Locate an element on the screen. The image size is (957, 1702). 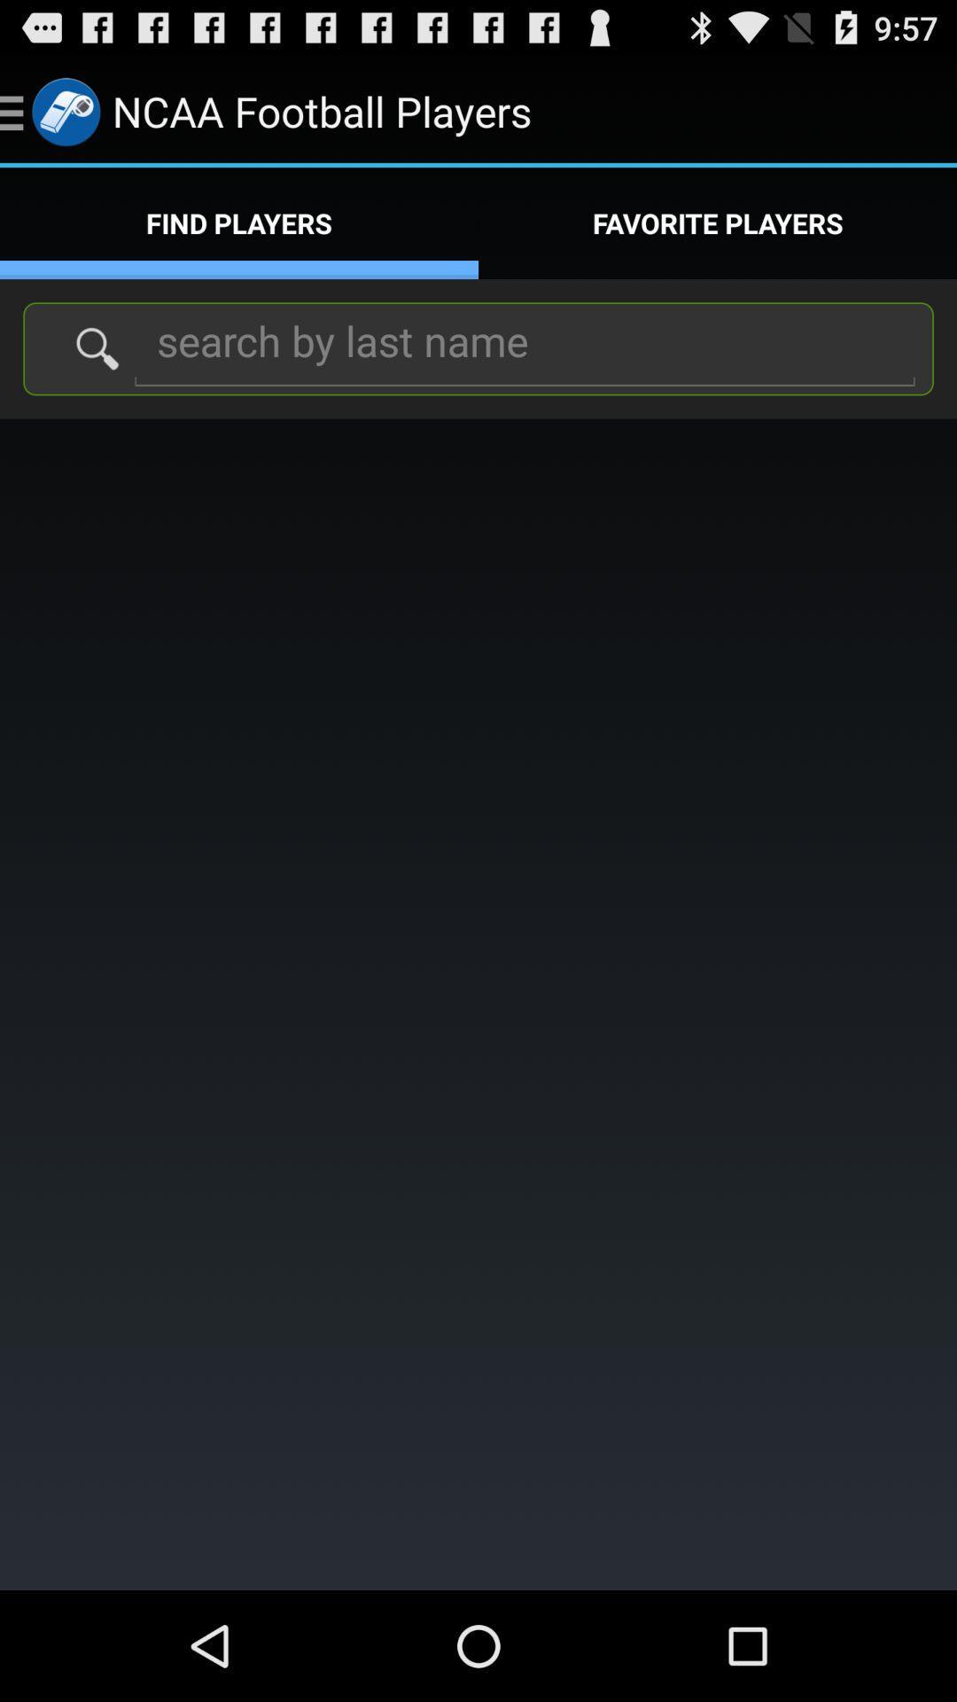
item at the center is located at coordinates (478, 1004).